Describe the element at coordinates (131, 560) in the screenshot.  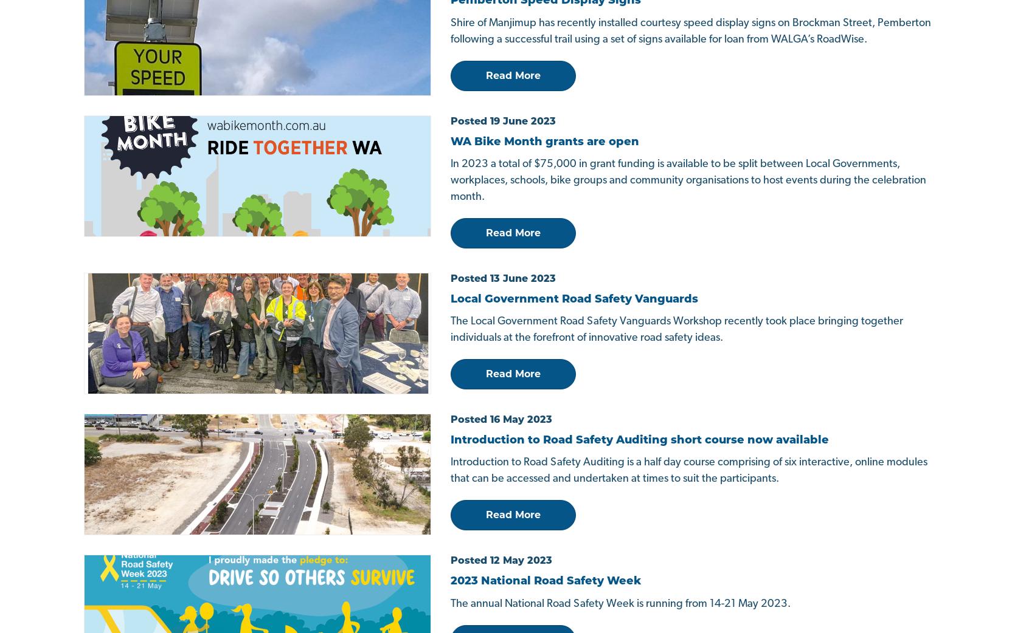
I see `'© WALGA Roadwise Program'` at that location.